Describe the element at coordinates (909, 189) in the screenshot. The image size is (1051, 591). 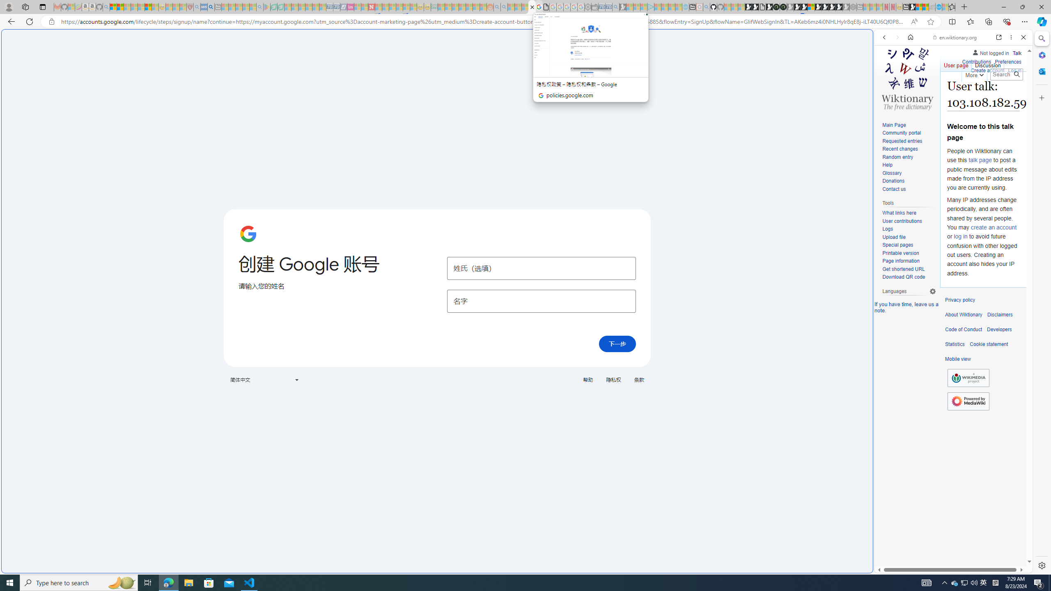
I see `'Contact us'` at that location.